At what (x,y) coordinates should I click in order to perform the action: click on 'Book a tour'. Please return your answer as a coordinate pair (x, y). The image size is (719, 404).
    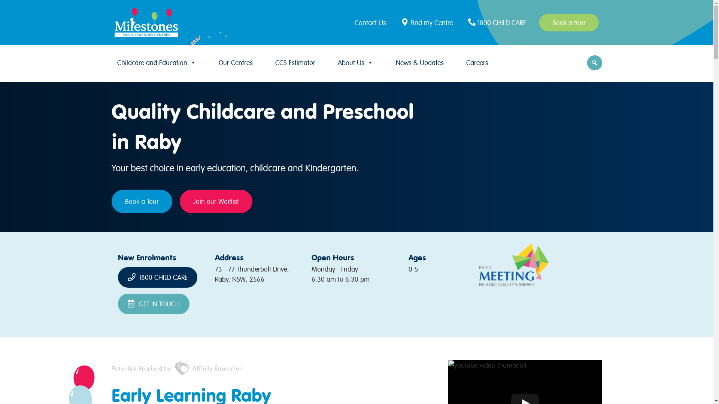
    Looking at the image, I should click on (569, 22).